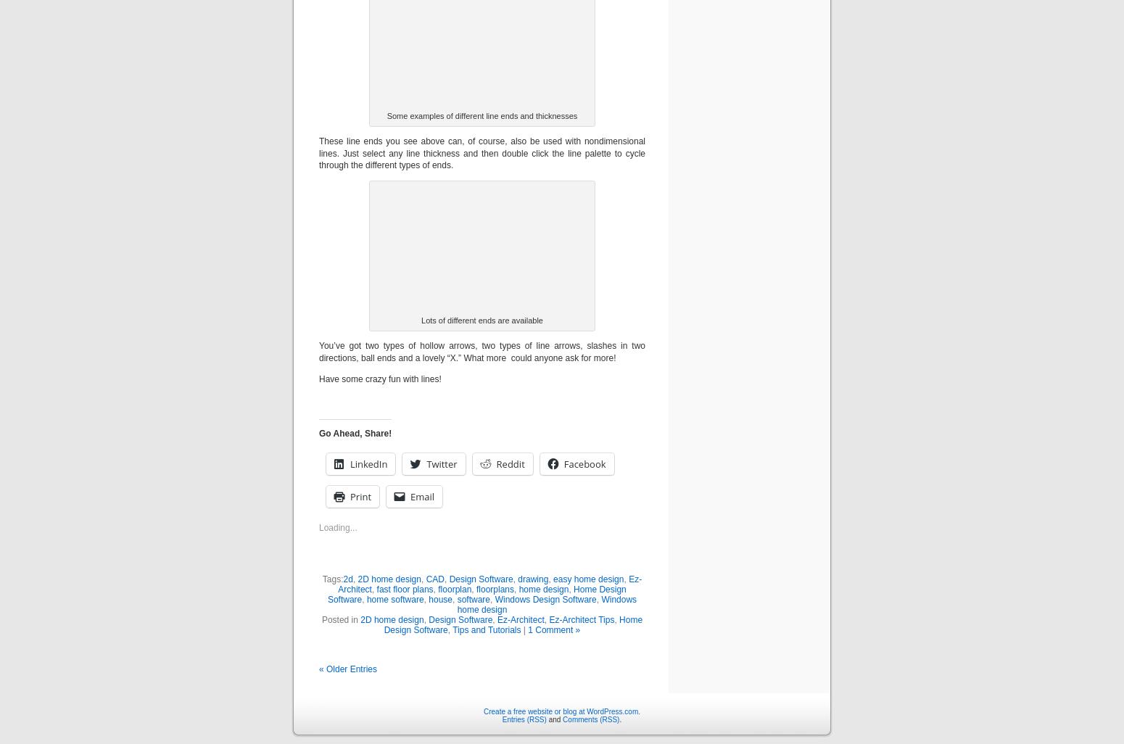 This screenshot has width=1124, height=744. Describe the element at coordinates (485, 629) in the screenshot. I see `'Tips and Tutorials'` at that location.